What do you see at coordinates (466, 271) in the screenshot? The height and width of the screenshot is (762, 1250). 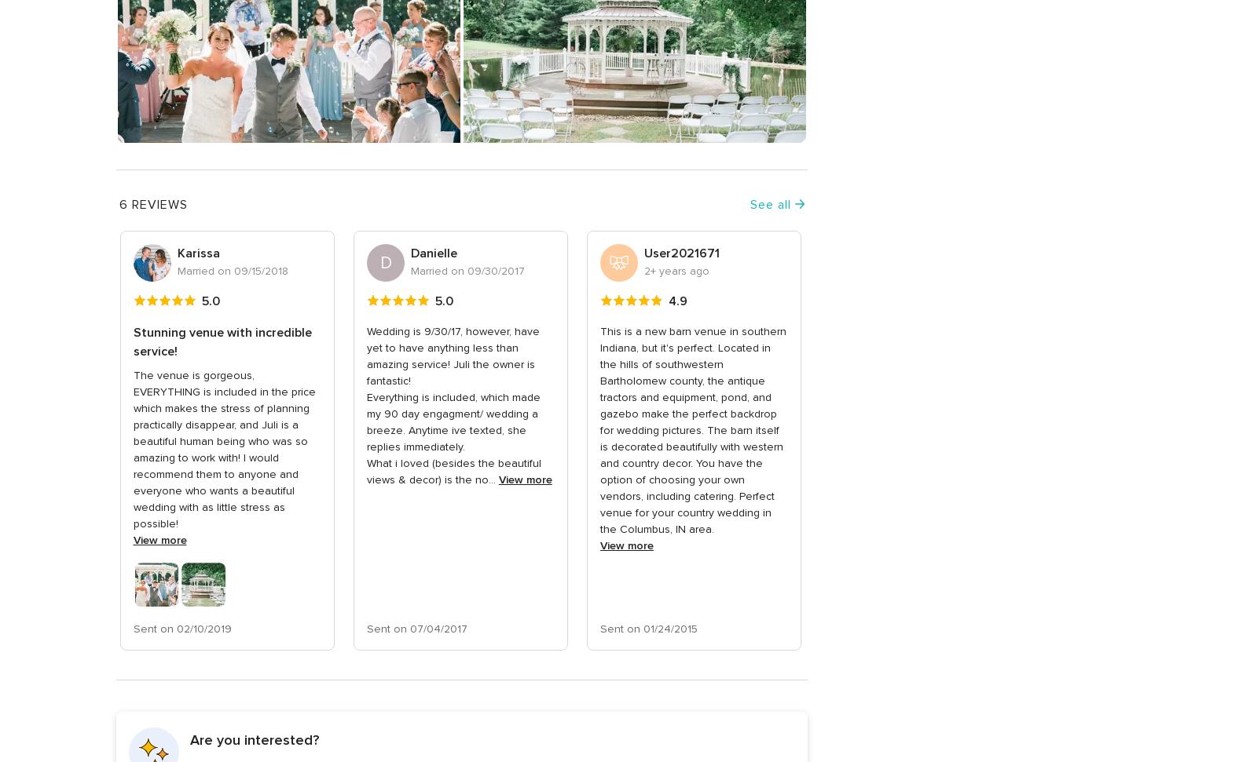 I see `'Married on 09/30/2017'` at bounding box center [466, 271].